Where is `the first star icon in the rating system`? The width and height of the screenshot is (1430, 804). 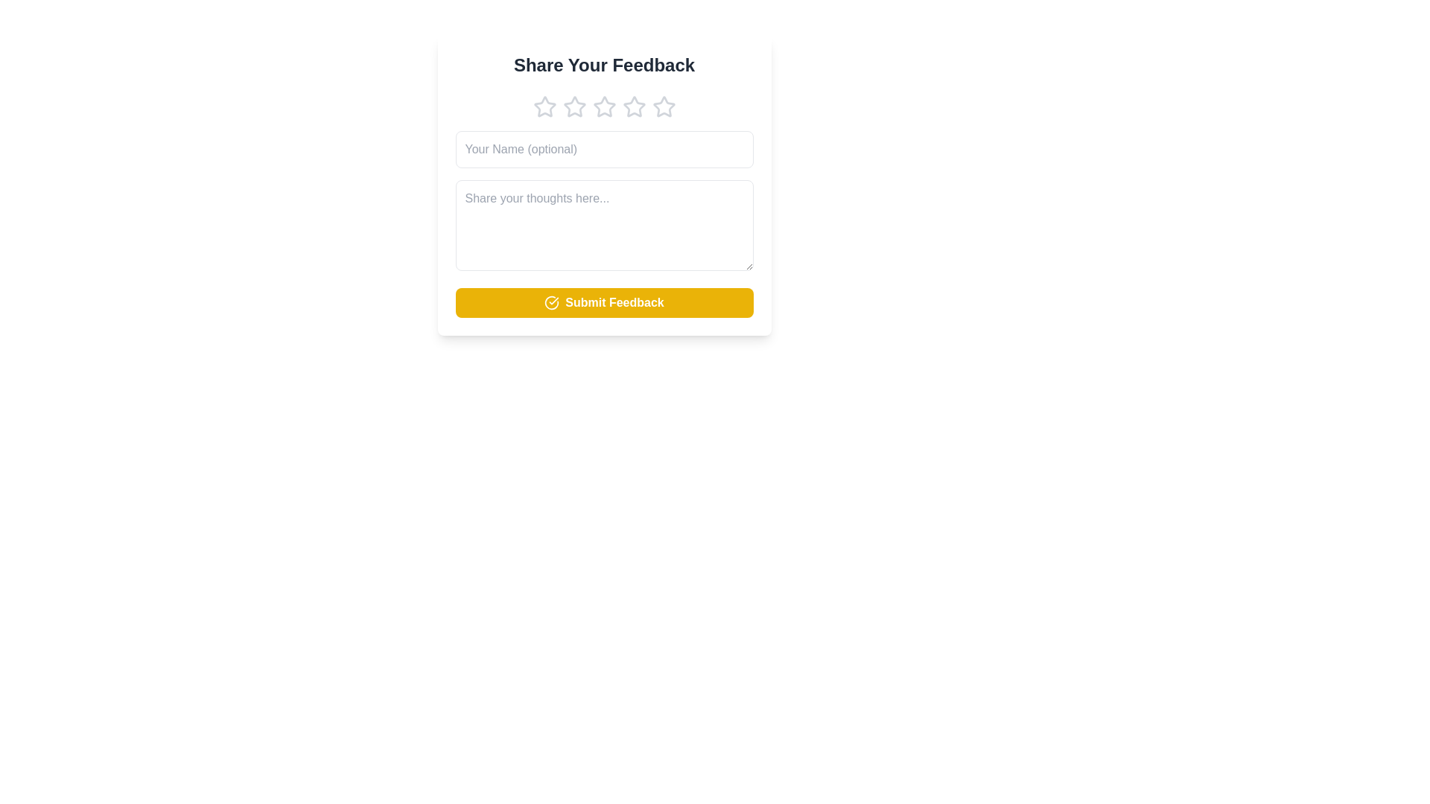
the first star icon in the rating system is located at coordinates (544, 106).